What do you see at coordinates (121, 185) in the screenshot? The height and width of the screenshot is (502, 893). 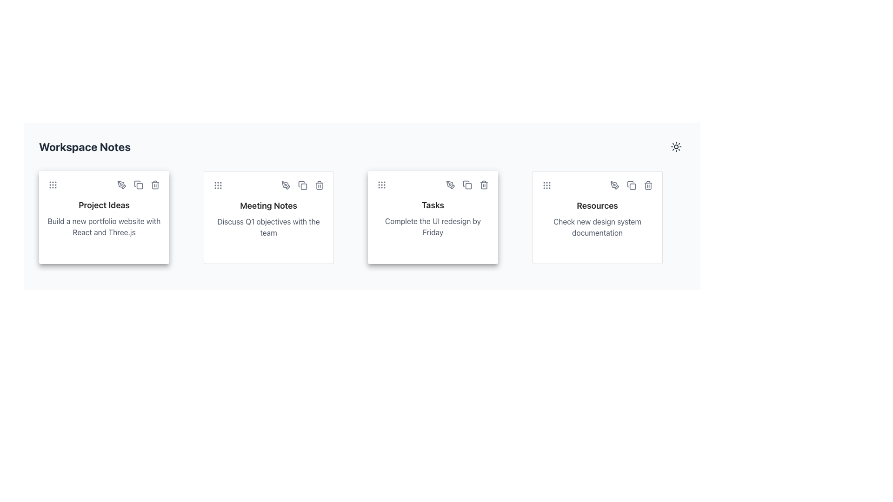 I see `the first interactive button in the toolbar of the 'Project Ideas' card` at bounding box center [121, 185].